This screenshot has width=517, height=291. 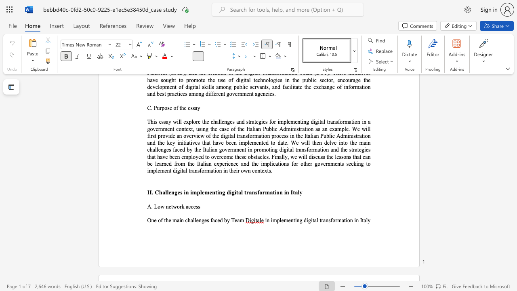 What do you see at coordinates (154, 206) in the screenshot?
I see `the subset text "Low network acces" within the text "A. Low network access"` at bounding box center [154, 206].